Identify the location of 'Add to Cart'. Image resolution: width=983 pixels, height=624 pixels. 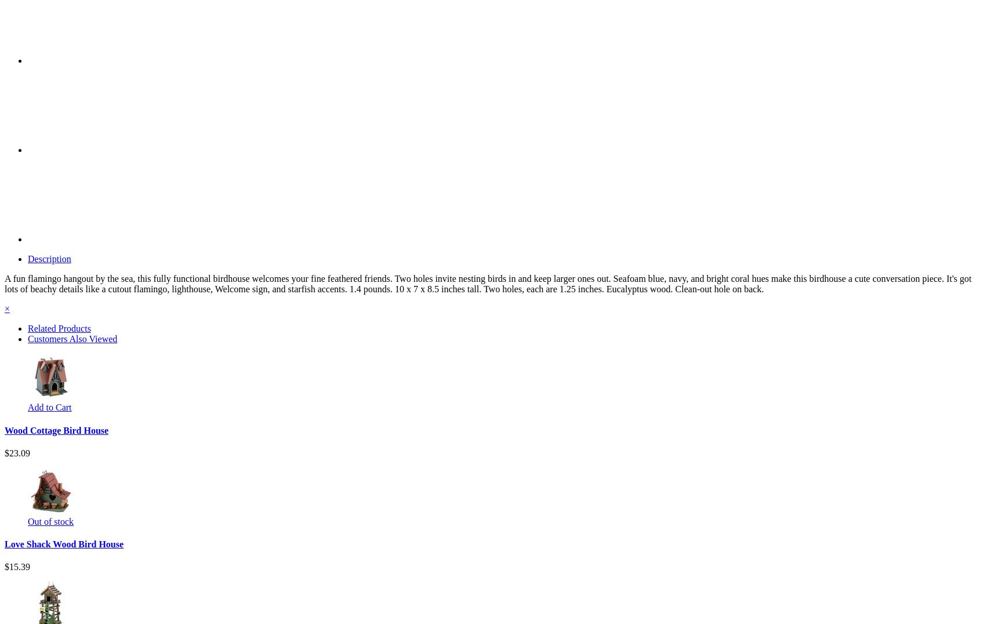
(49, 407).